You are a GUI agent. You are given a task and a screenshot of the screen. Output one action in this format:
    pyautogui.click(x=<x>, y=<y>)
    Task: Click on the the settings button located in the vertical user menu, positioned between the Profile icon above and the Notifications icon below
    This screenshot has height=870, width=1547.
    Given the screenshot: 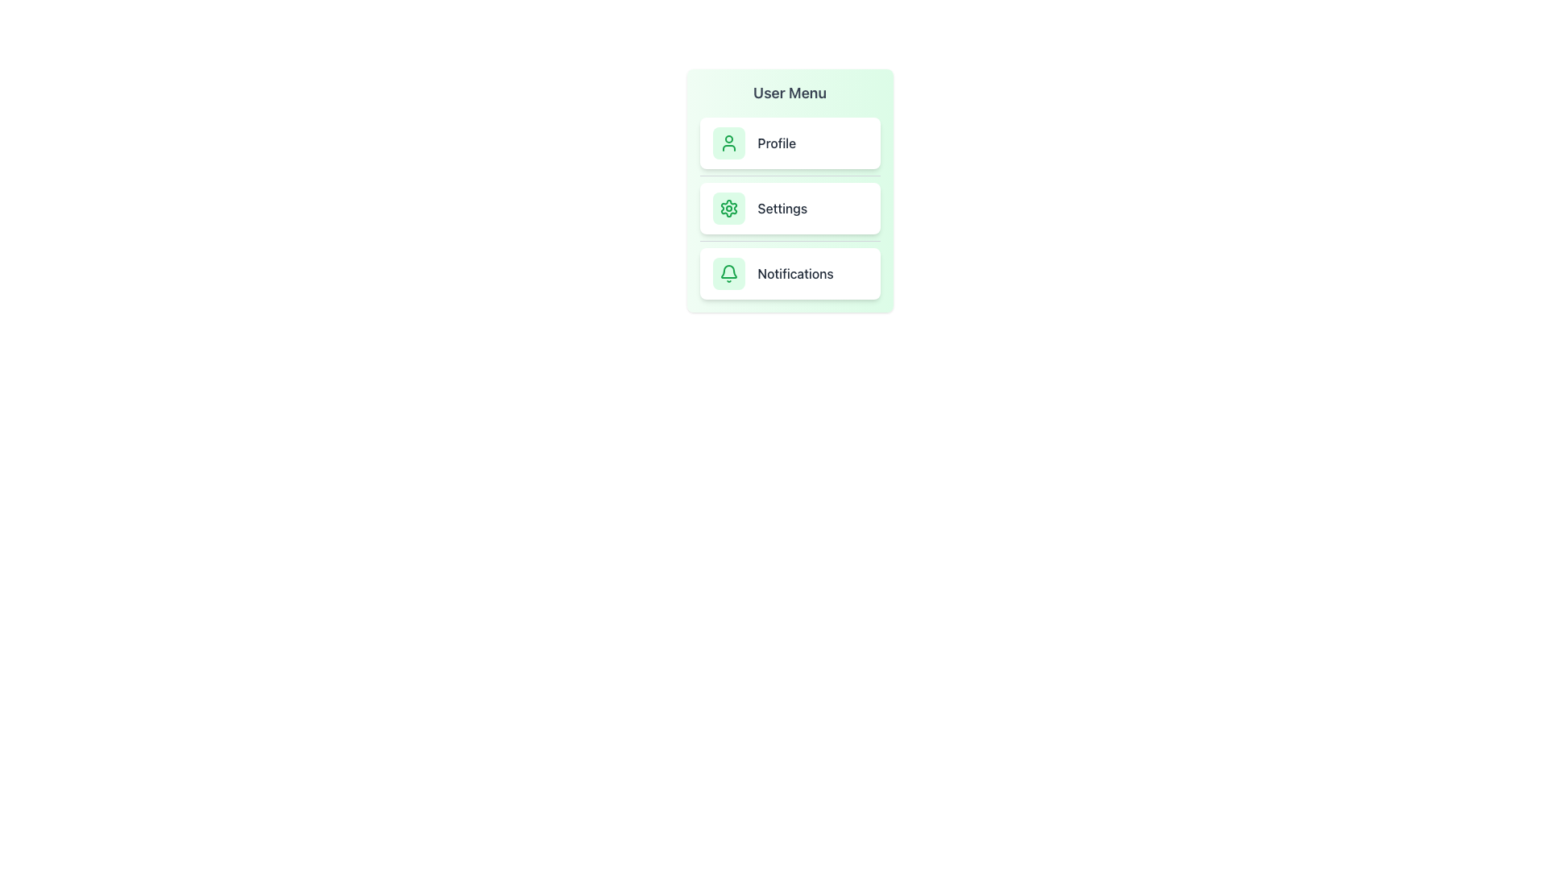 What is the action you would take?
    pyautogui.click(x=728, y=207)
    